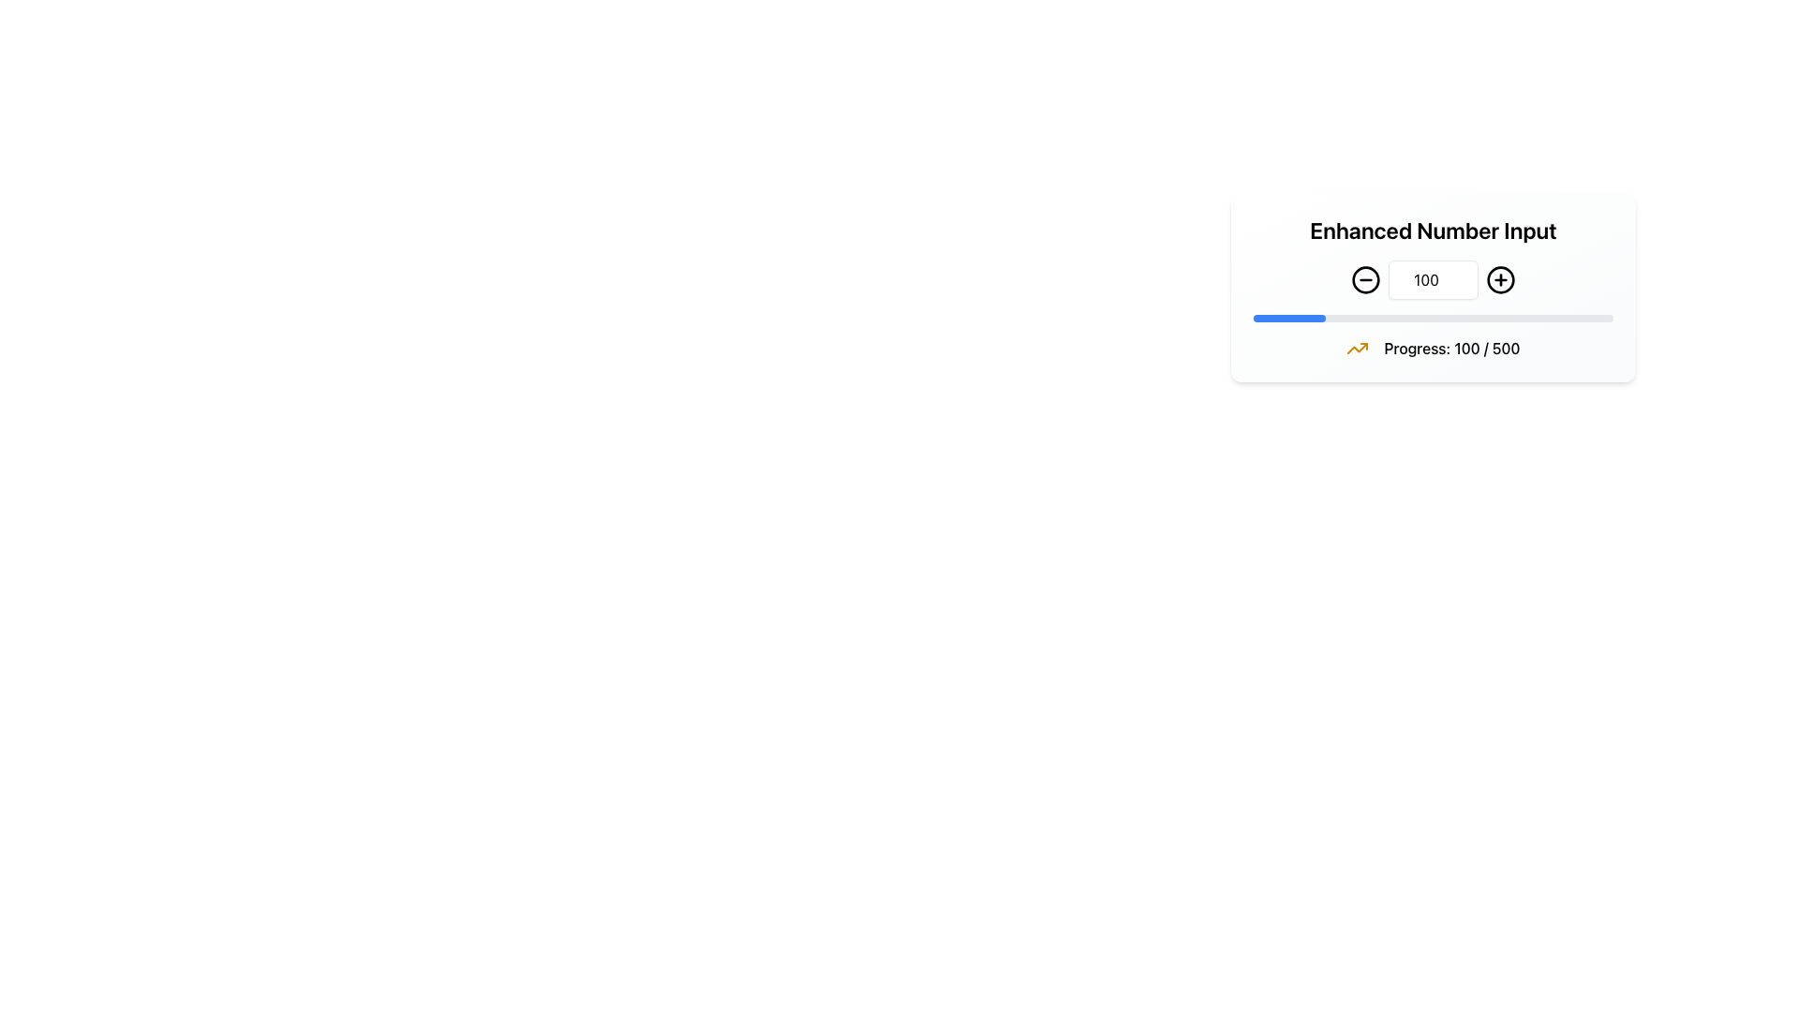  I want to click on the upward trending yellow arrow icon representing progress, located to the left of the text 'Progress: 100 / 500', so click(1358, 348).